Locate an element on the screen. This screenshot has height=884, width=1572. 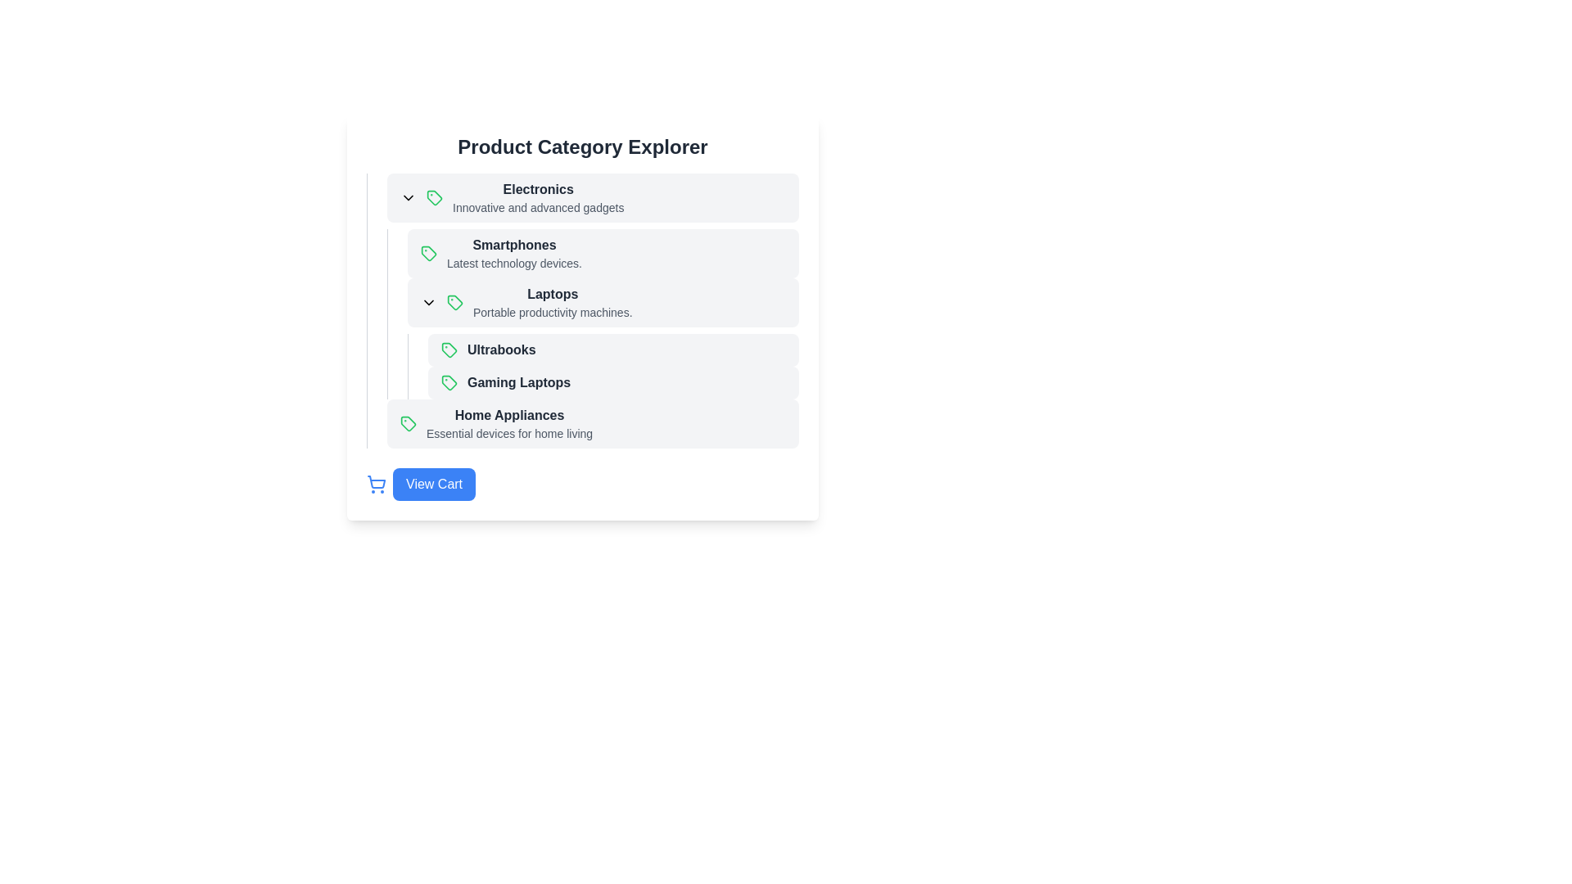
the icon representing the 'Smartphones' section in the 'Product Category Explorer' panel, which is located at the extreme left before the textual content is located at coordinates (428, 253).